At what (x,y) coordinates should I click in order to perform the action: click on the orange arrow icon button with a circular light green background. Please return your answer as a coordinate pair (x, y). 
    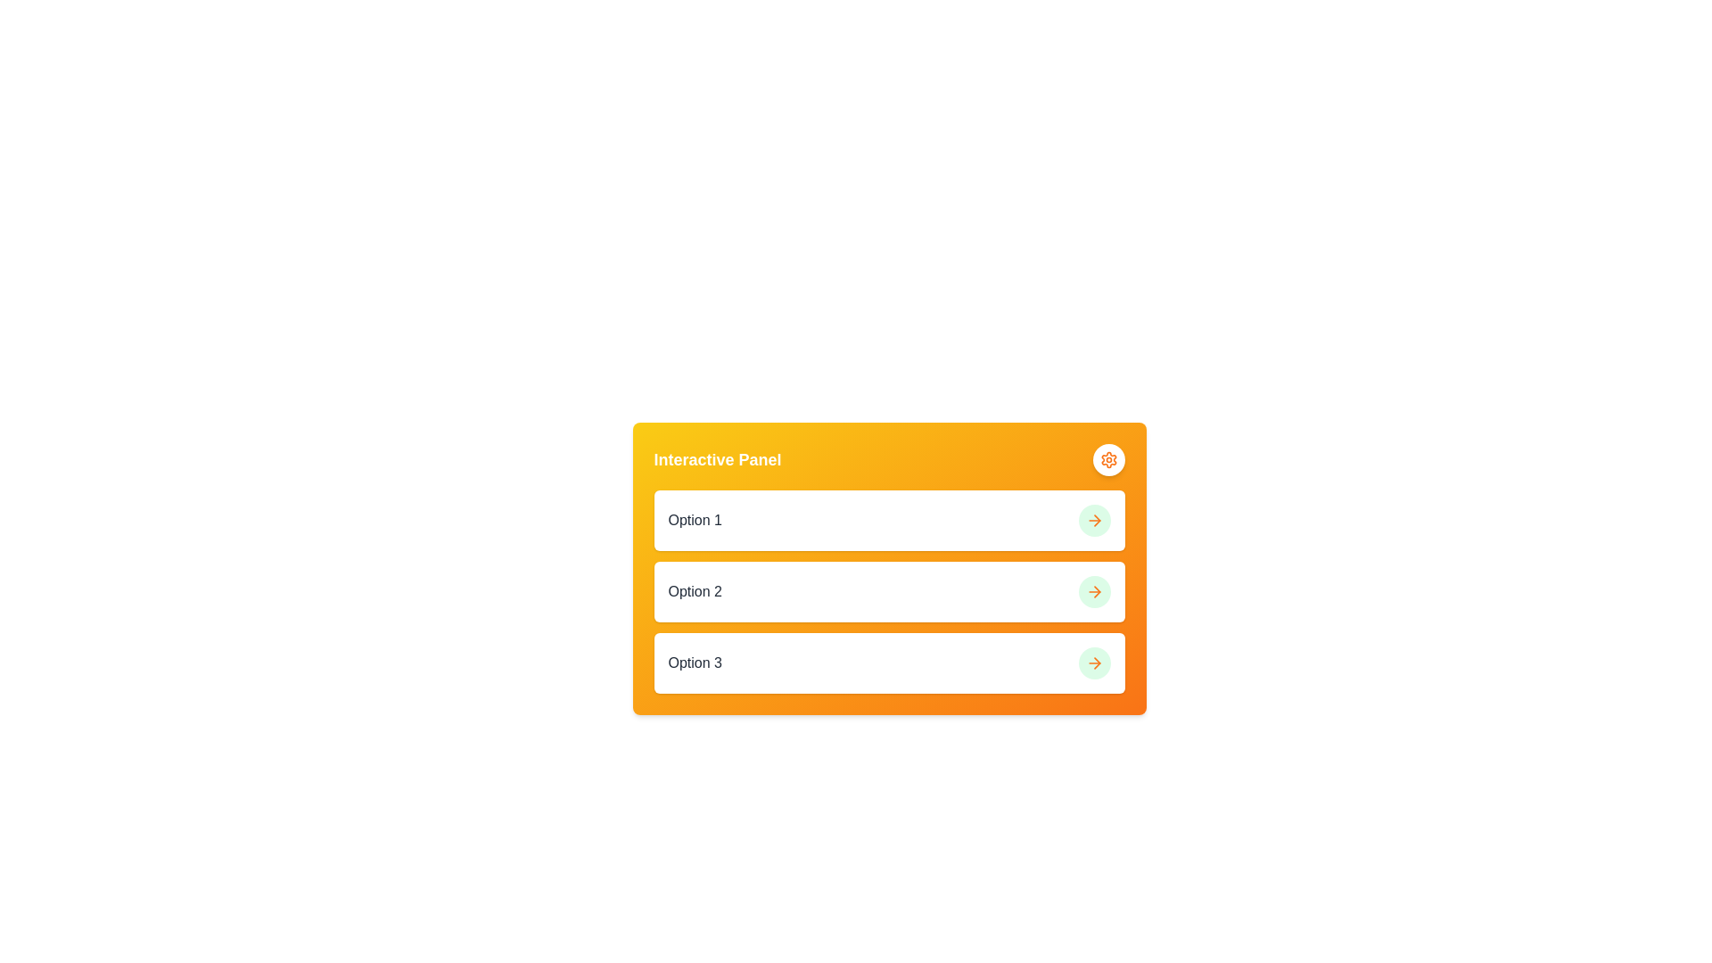
    Looking at the image, I should click on (1093, 591).